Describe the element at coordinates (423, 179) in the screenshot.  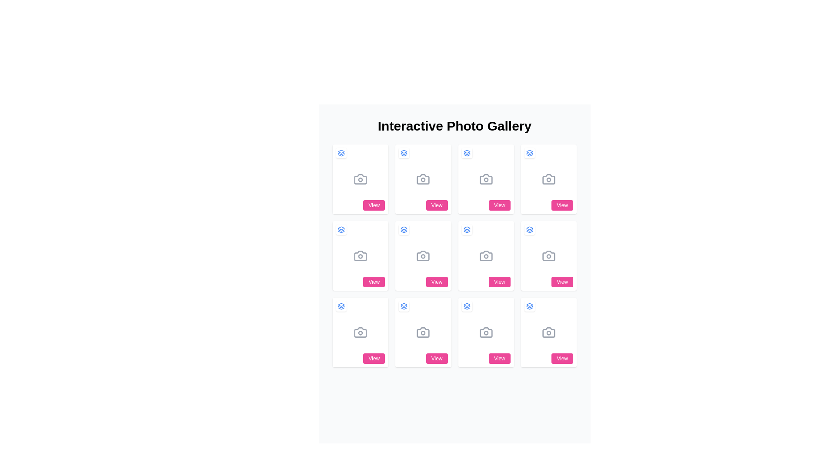
I see `the 'View' button with a pink background and white text, located at the bottom-right corner of the second item in the first row of the 'Interactive Photo Gallery' grid` at that location.